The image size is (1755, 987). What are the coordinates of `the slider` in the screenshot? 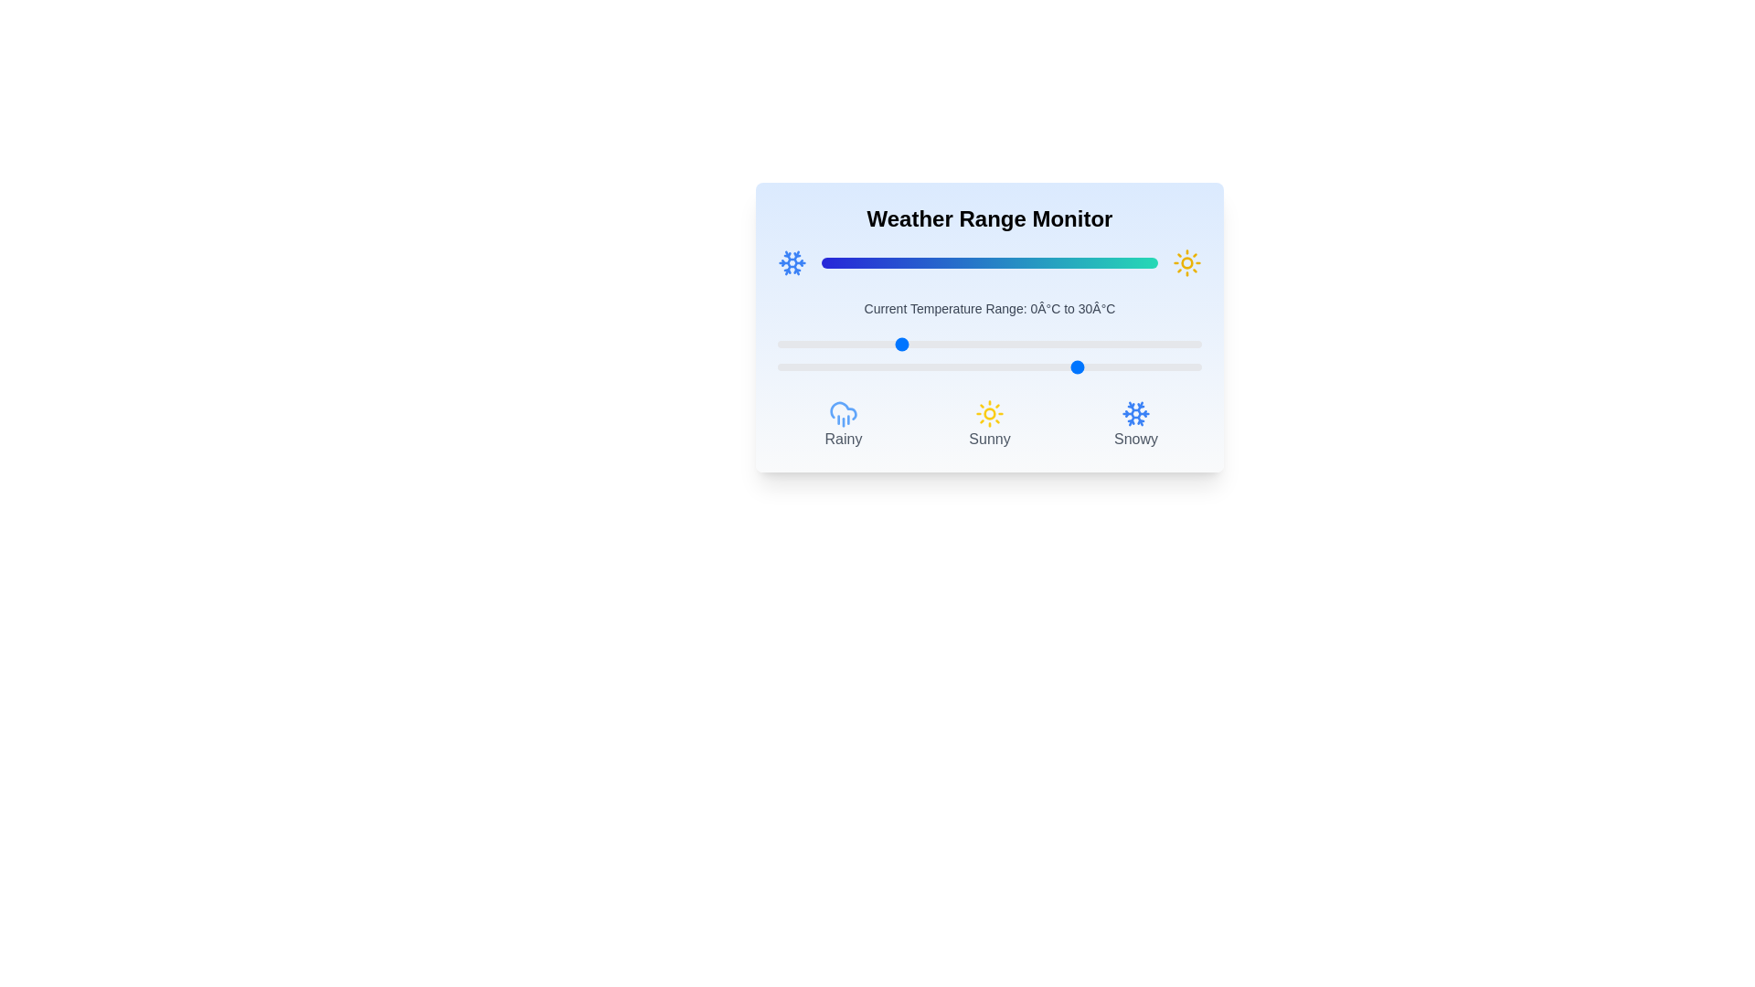 It's located at (1026, 345).